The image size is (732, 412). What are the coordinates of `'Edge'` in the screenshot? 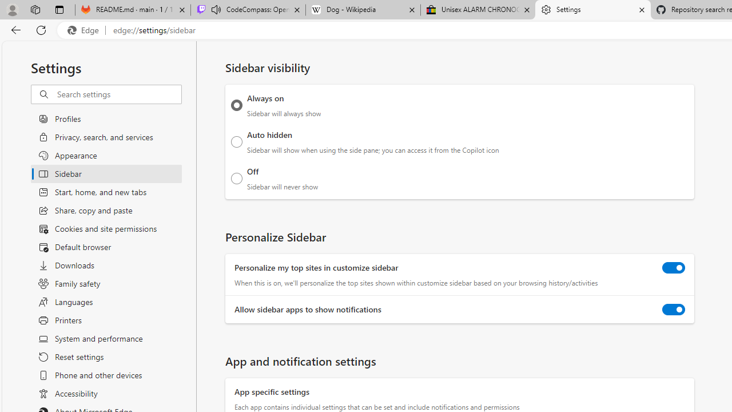 It's located at (85, 30).